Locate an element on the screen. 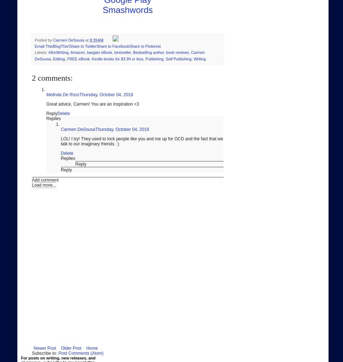 This screenshot has height=362, width=343. 'Posted by' is located at coordinates (43, 39).